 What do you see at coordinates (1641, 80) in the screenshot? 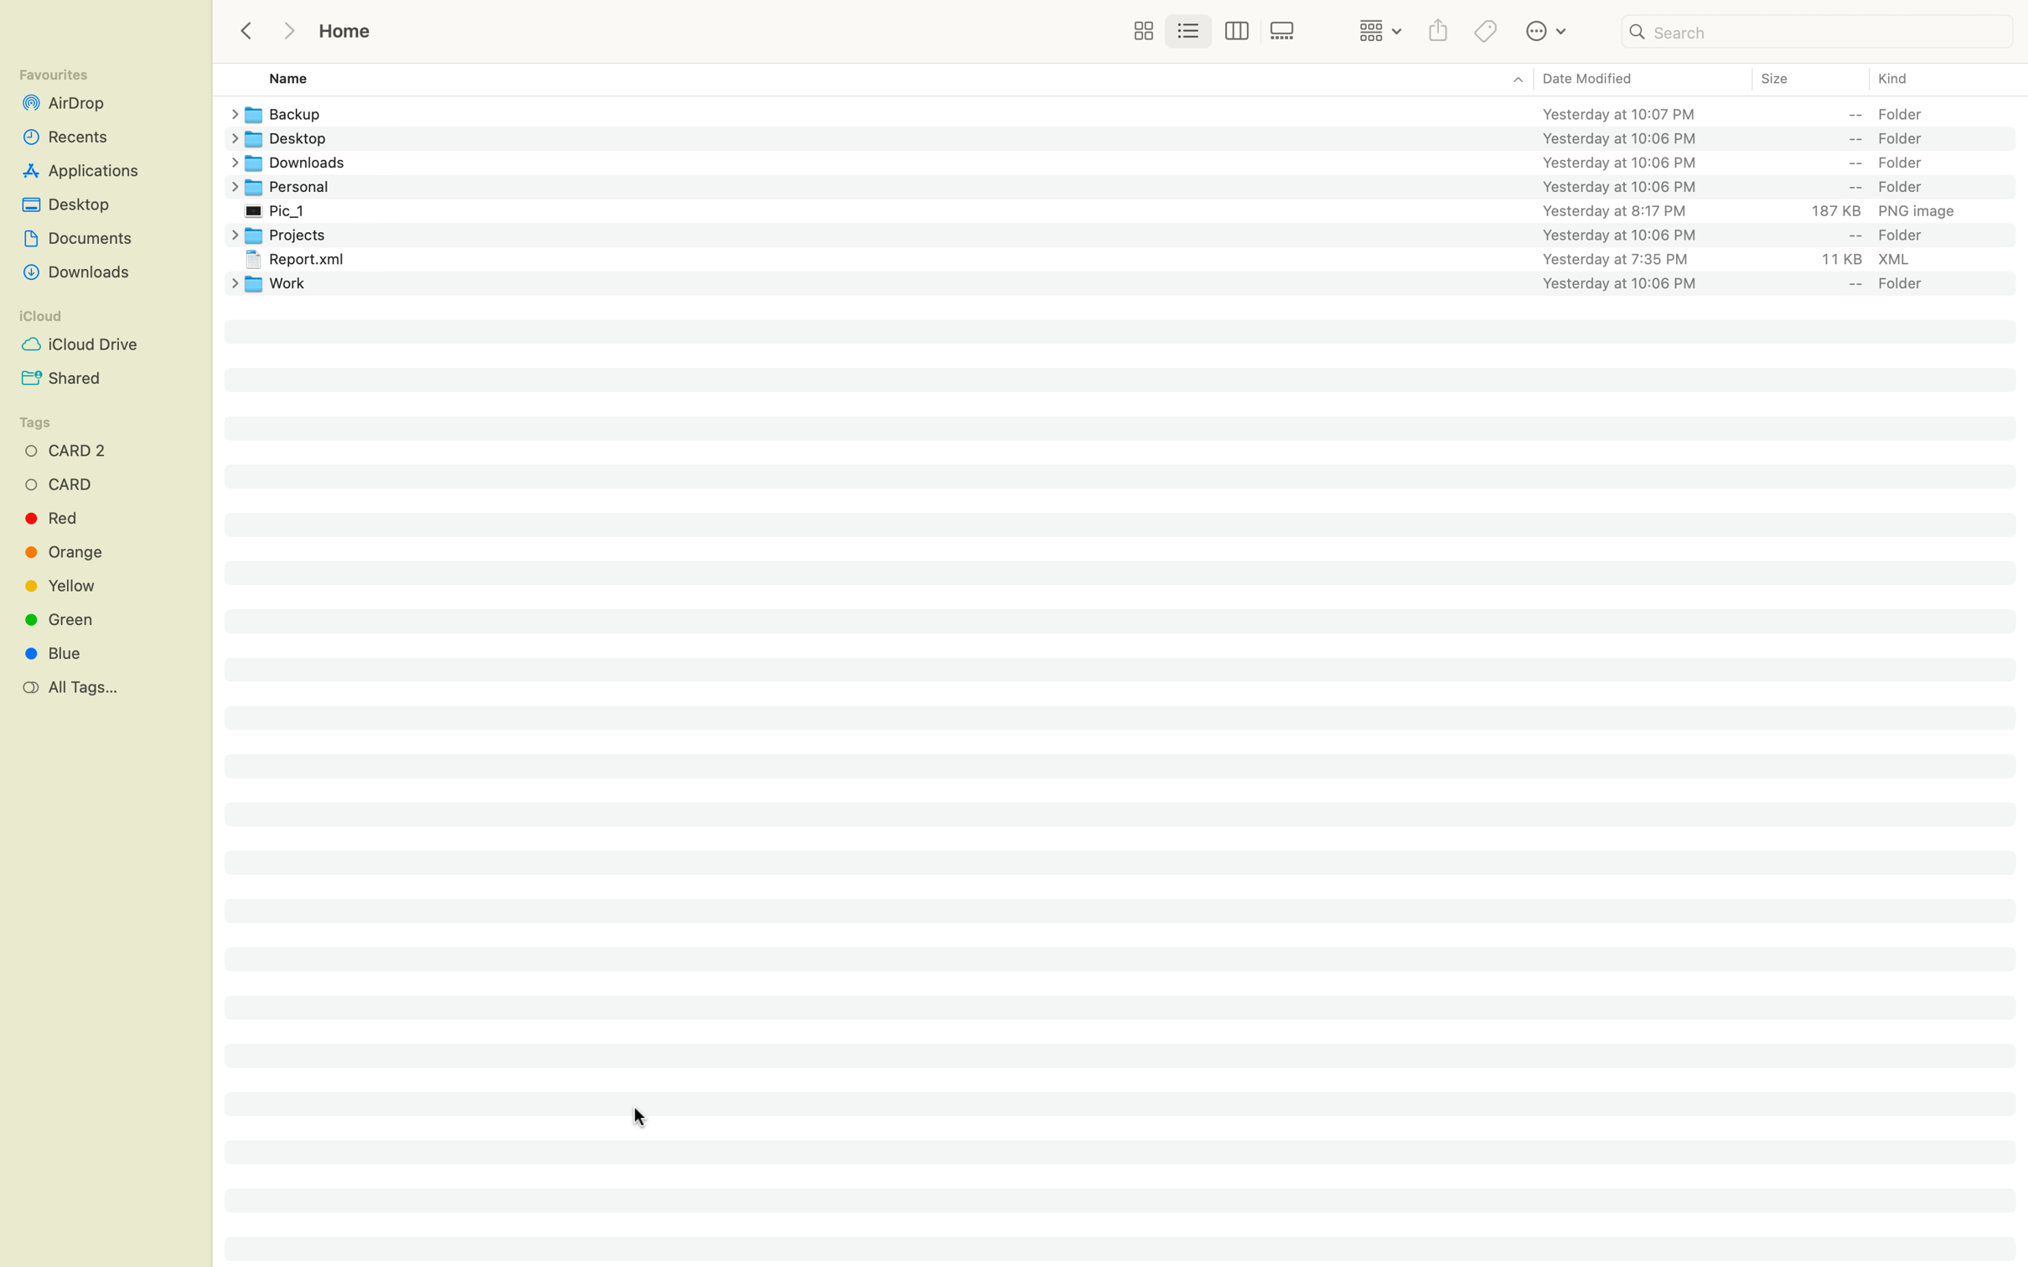
I see `Sort the documents from newest to oldest` at bounding box center [1641, 80].